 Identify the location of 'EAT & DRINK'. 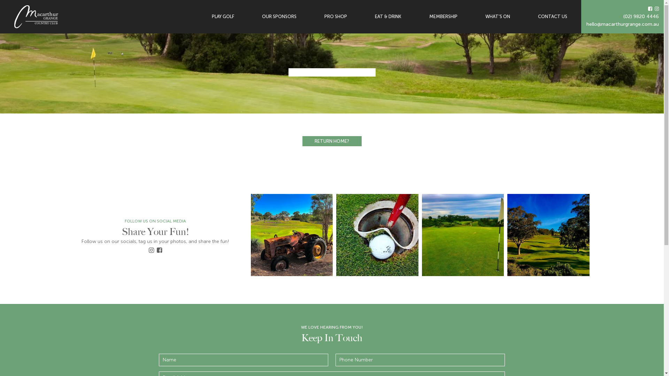
(387, 16).